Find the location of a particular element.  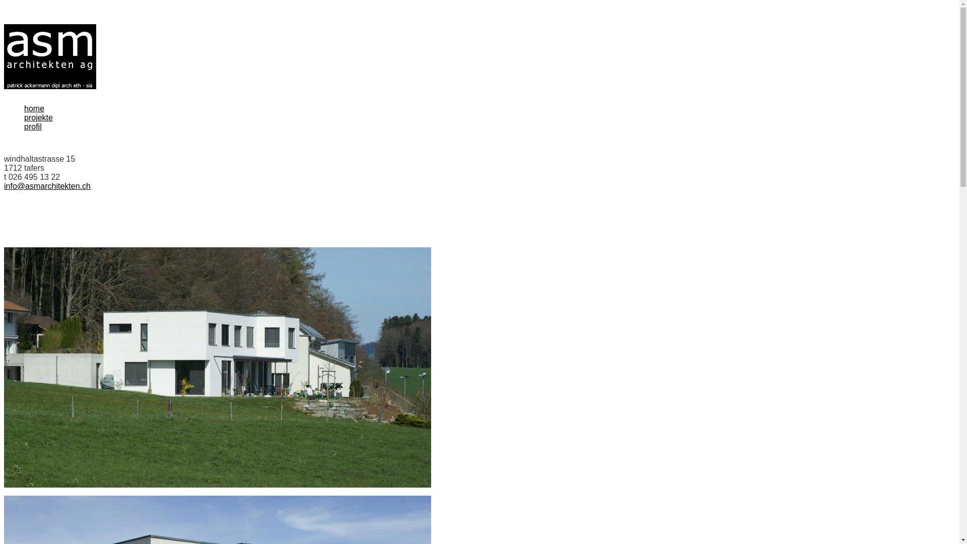

'profil' is located at coordinates (33, 126).